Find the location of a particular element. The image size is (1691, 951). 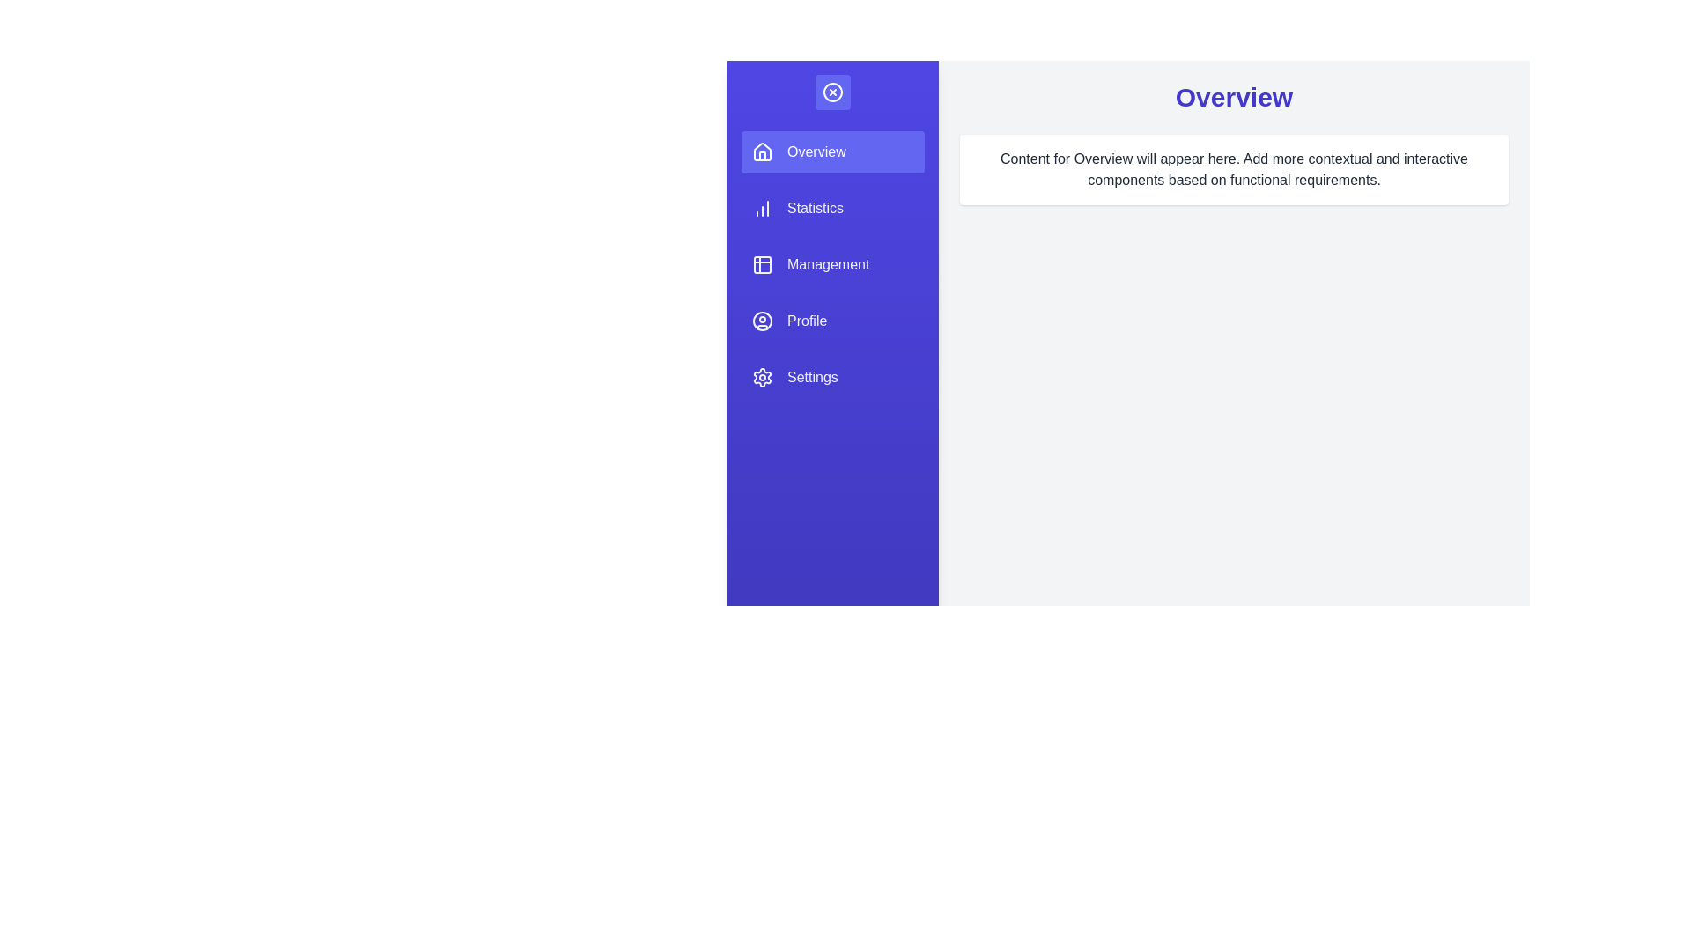

the Overview tab from the sidebar menu is located at coordinates (831, 151).